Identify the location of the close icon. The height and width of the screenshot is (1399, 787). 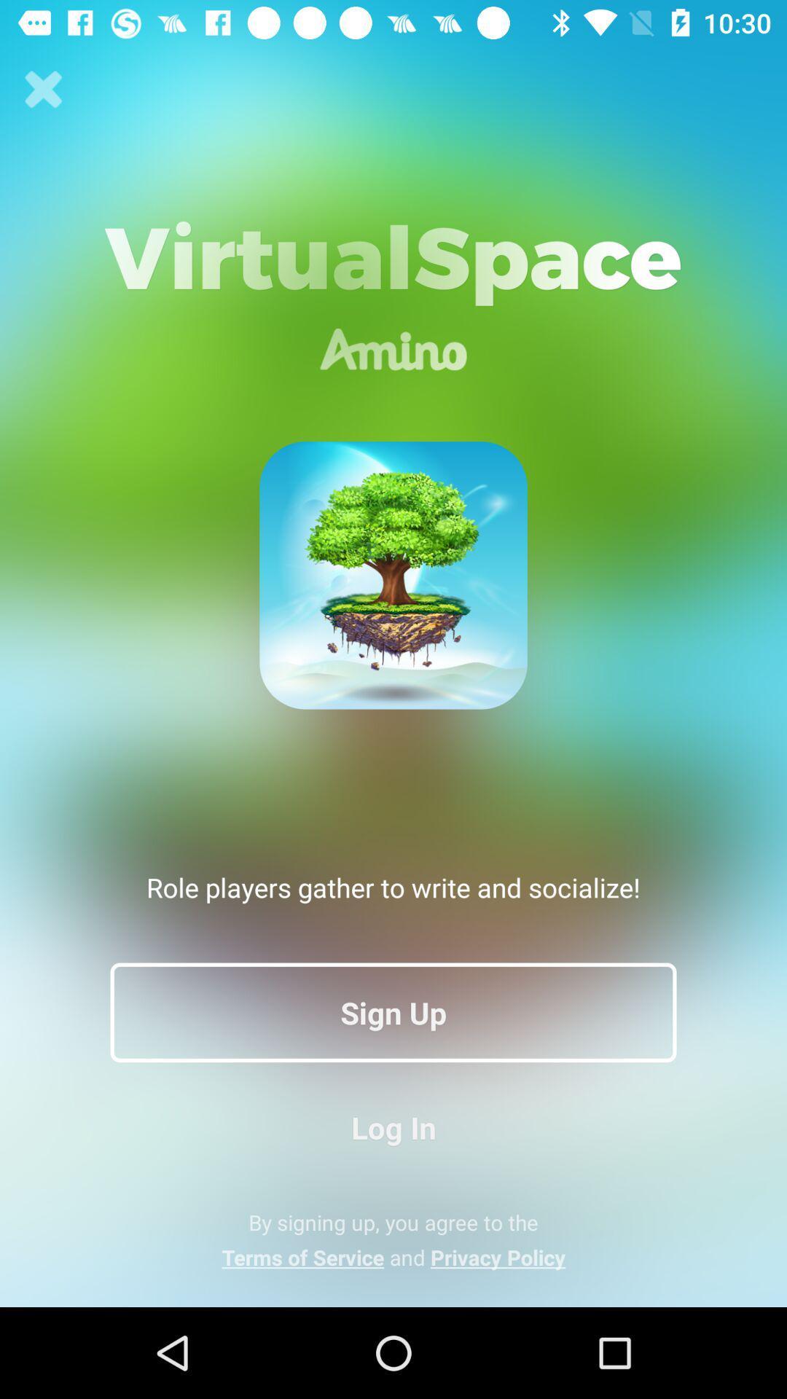
(43, 89).